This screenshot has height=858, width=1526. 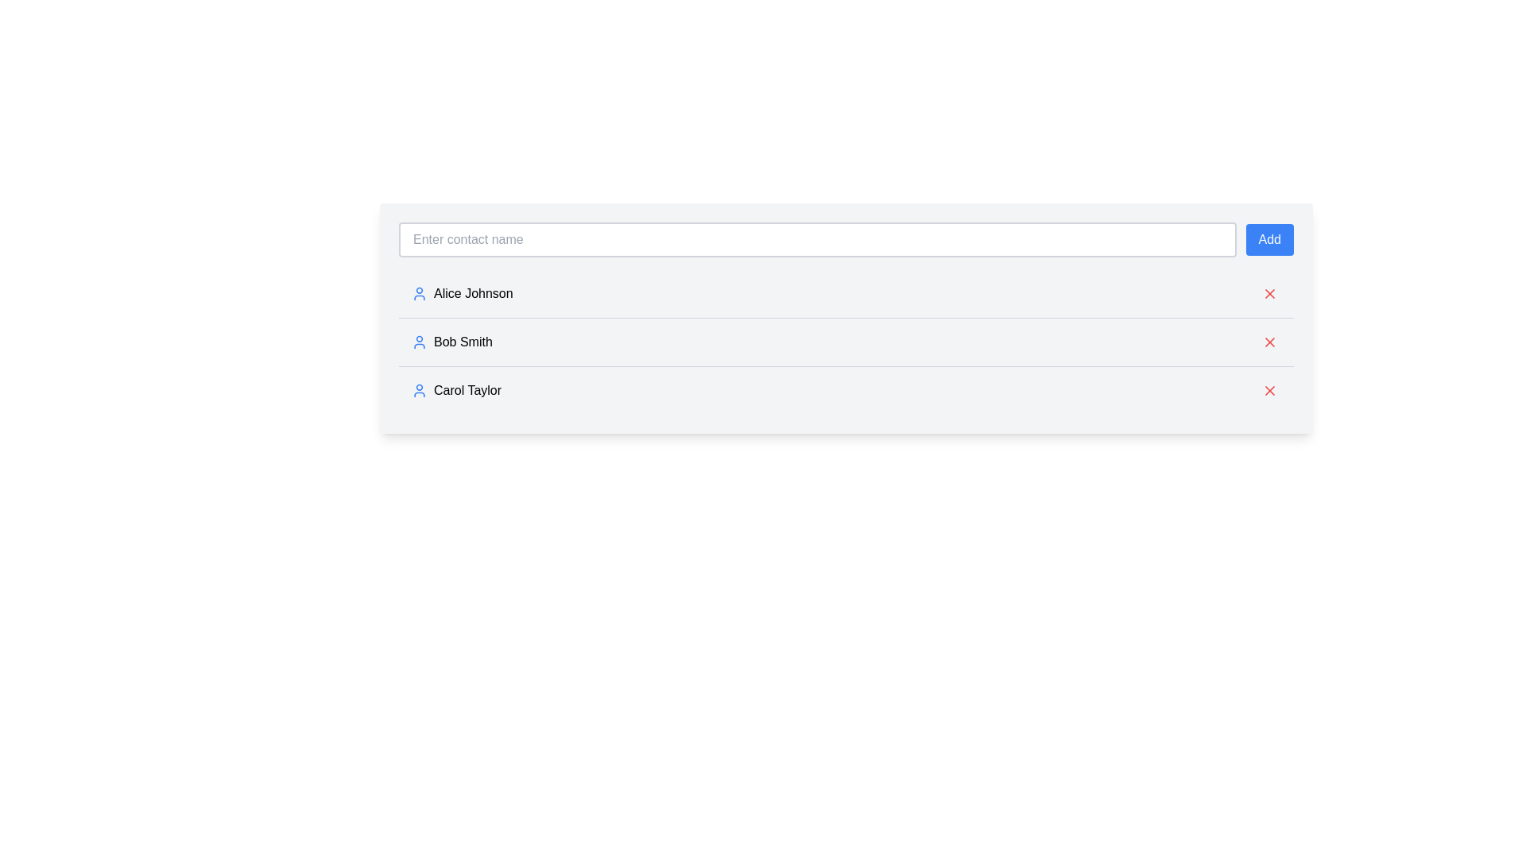 What do you see at coordinates (1268, 239) in the screenshot?
I see `the submit button located to the right of the text input field with placeholder text 'Enter contact name'` at bounding box center [1268, 239].